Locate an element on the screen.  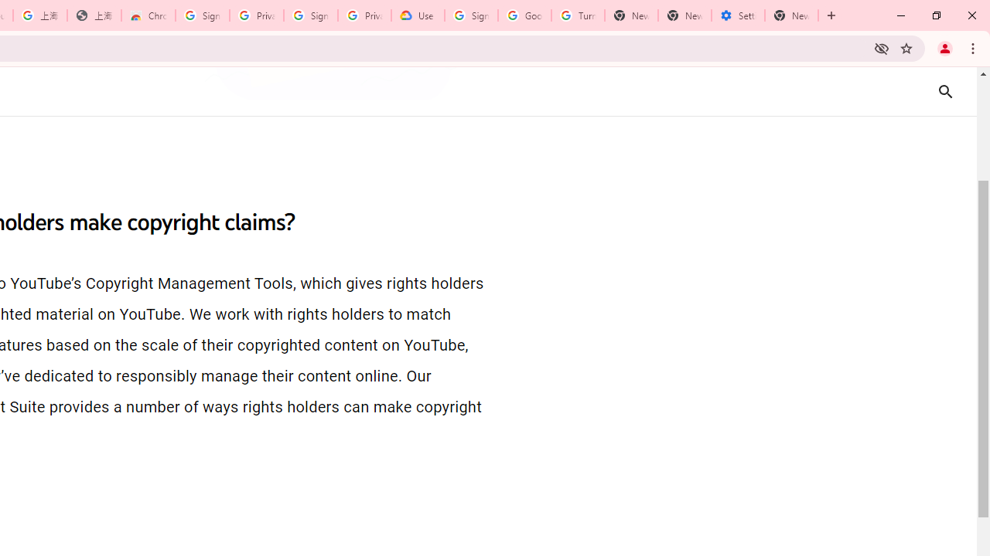
'New Tab' is located at coordinates (792, 15).